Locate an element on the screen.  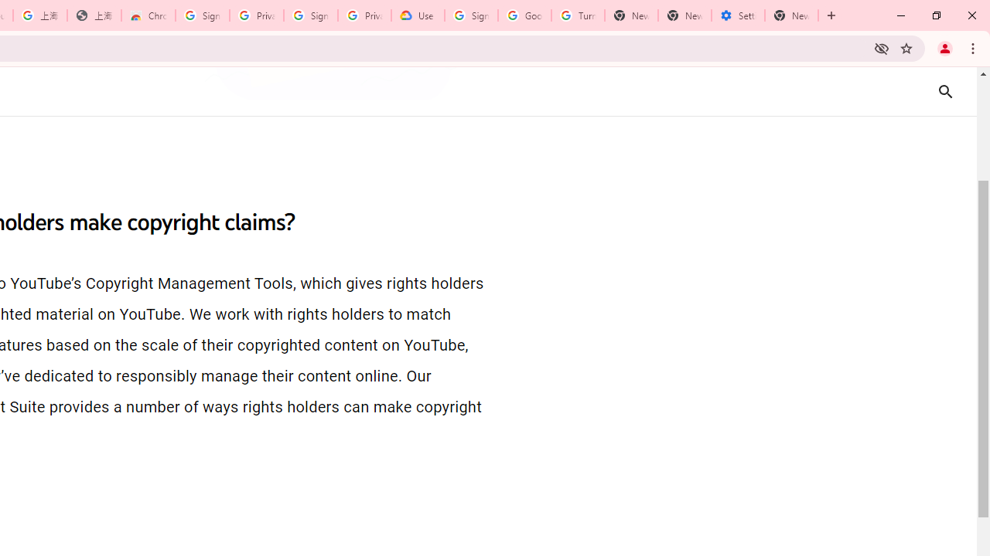
'New Tab' is located at coordinates (792, 15).